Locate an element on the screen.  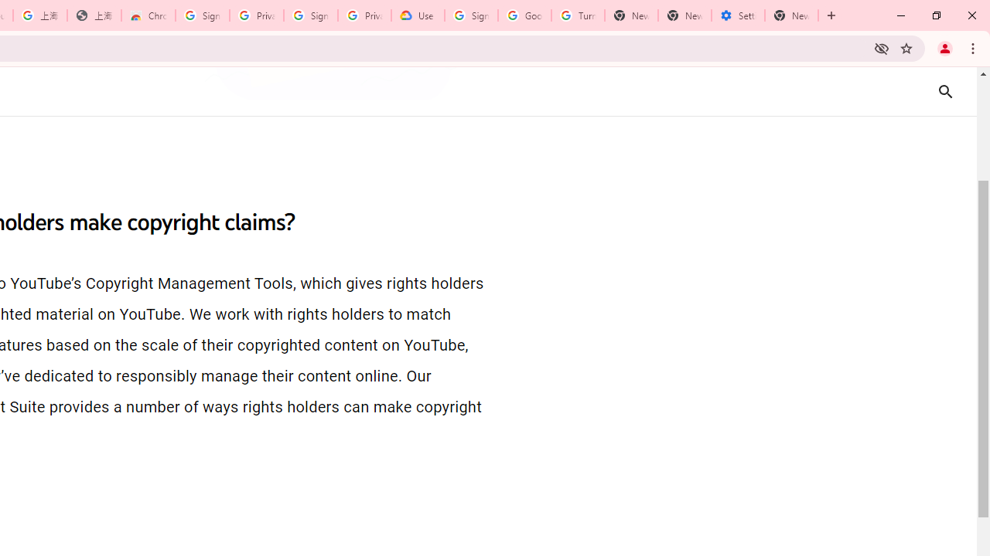
'New Tab' is located at coordinates (792, 15).